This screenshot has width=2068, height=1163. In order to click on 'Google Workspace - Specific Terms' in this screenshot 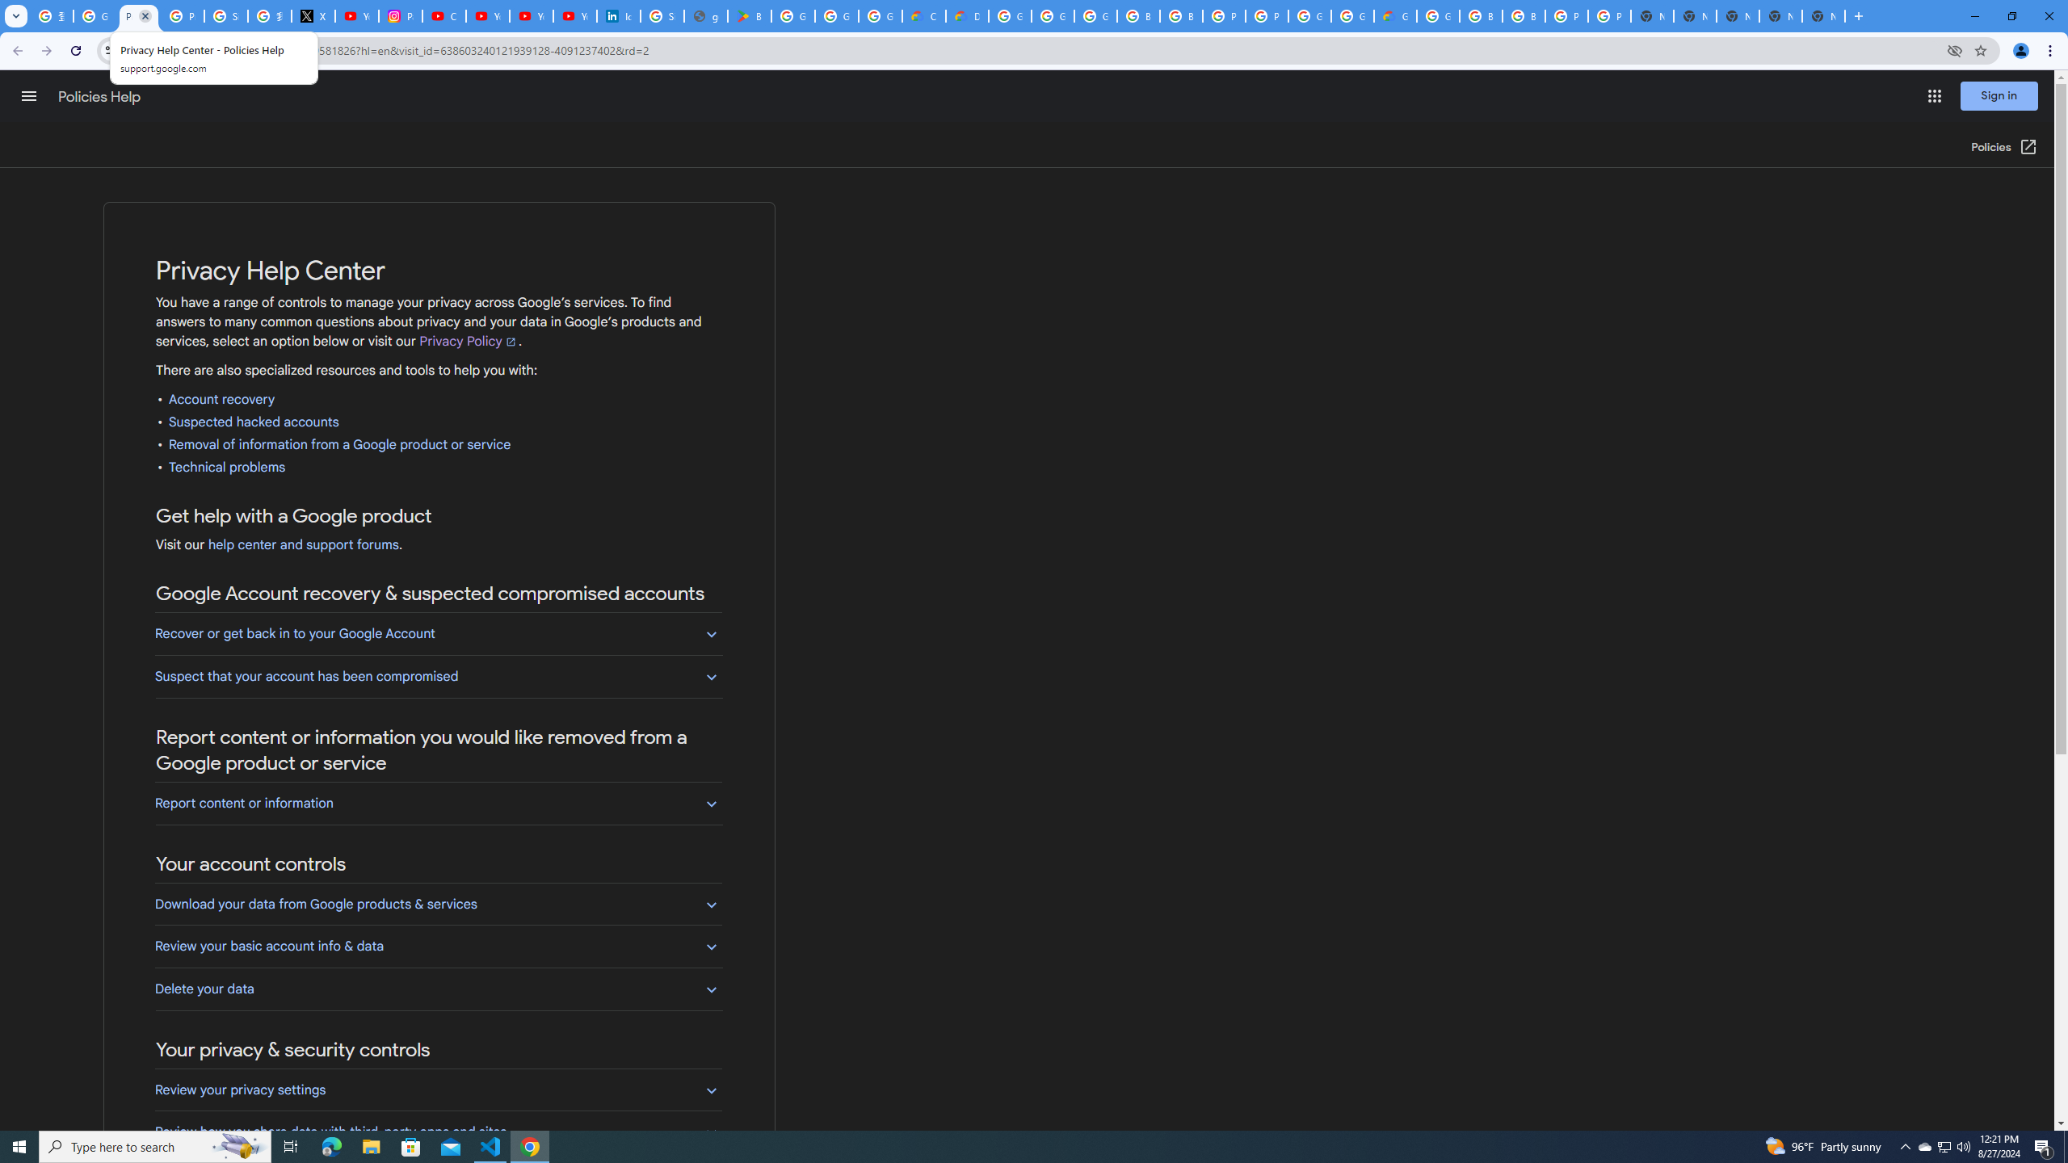, I will do `click(880, 15)`.